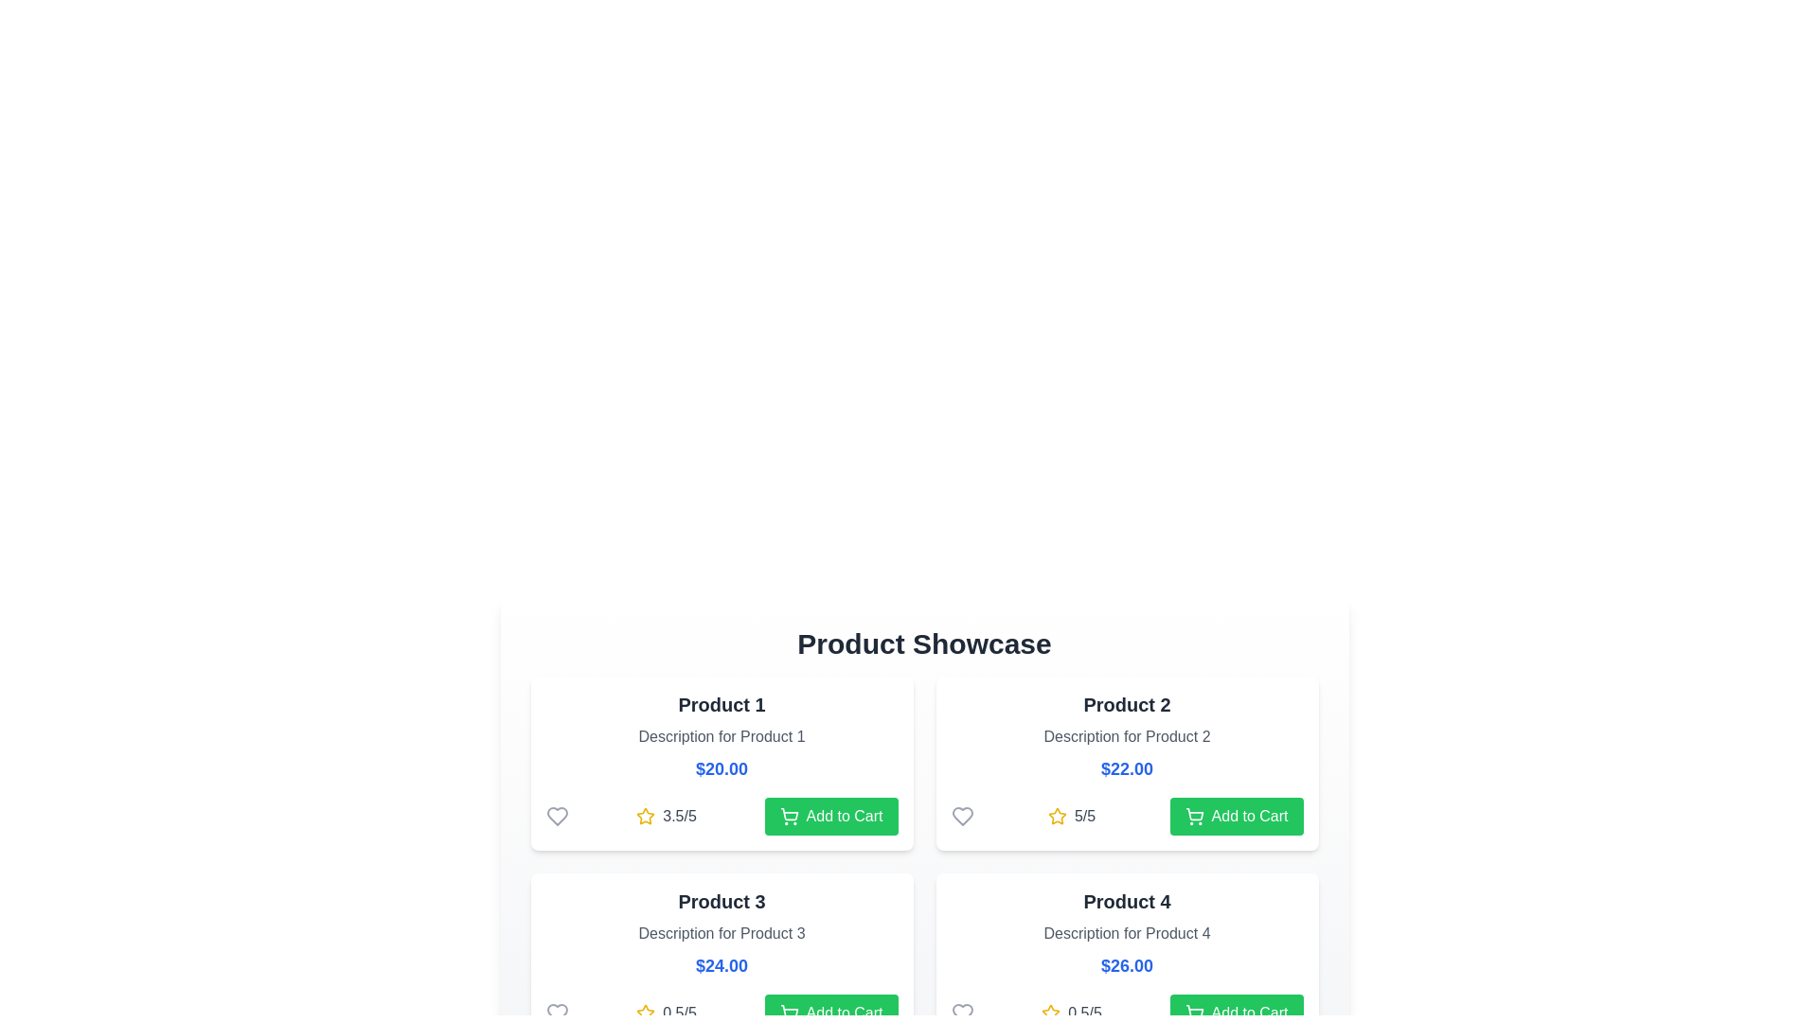 The height and width of the screenshot is (1022, 1818). I want to click on the center of the hollow heart icon outlined with fine lines in the 'Product 2' tile of the 'Product Showcase' grid layout, so click(962, 816).